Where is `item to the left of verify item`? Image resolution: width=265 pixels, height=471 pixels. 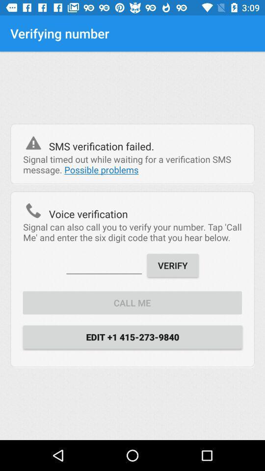 item to the left of verify item is located at coordinates (104, 264).